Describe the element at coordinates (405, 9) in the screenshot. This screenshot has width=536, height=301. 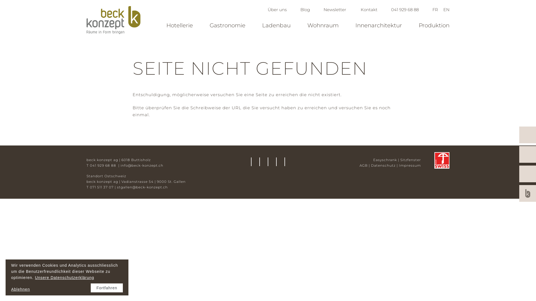
I see `'041 929 68 88'` at that location.